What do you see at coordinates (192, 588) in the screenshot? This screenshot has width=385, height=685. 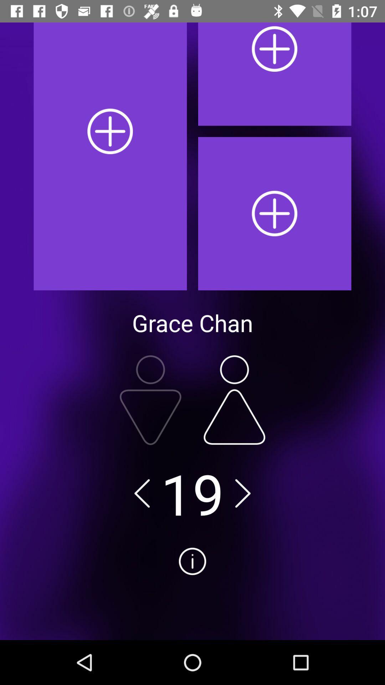 I see `open information menu` at bounding box center [192, 588].